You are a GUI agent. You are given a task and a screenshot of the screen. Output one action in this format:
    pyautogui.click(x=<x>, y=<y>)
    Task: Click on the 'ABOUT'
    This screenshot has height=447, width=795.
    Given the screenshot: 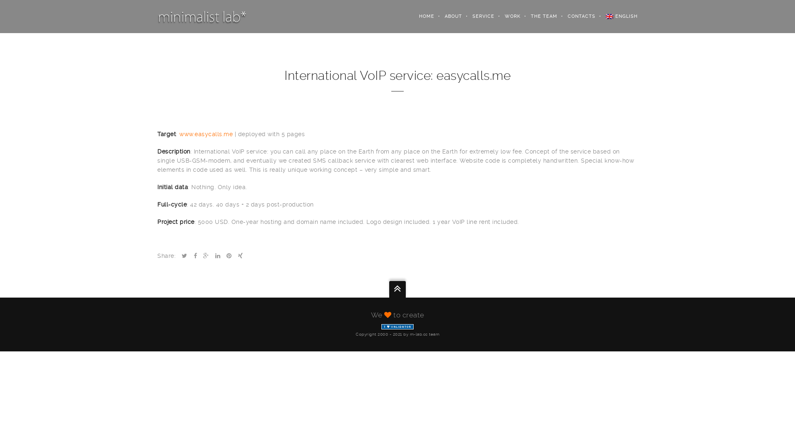 What is the action you would take?
    pyautogui.click(x=448, y=16)
    